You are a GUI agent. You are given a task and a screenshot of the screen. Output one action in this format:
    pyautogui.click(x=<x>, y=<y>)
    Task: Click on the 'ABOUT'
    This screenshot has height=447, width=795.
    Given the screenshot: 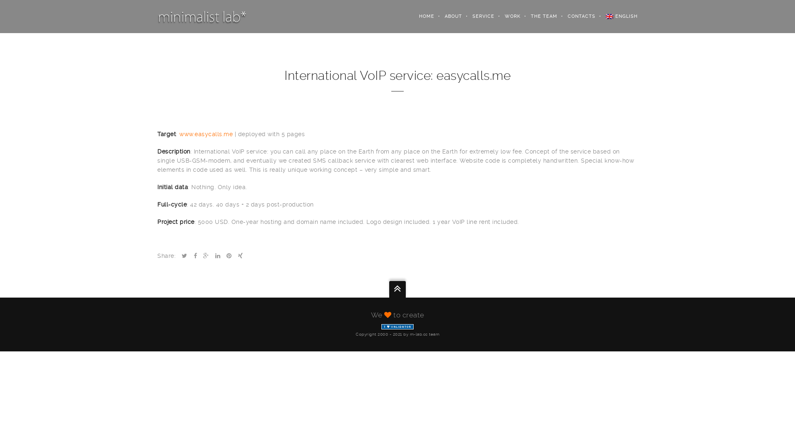 What is the action you would take?
    pyautogui.click(x=448, y=16)
    